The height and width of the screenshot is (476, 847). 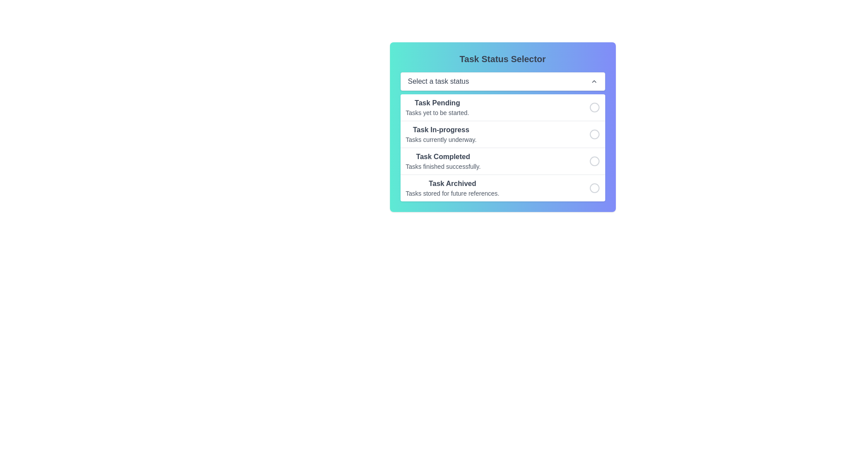 What do you see at coordinates (502, 107) in the screenshot?
I see `the topmost selectable list item in the 'Task Status Selector' dropdown` at bounding box center [502, 107].